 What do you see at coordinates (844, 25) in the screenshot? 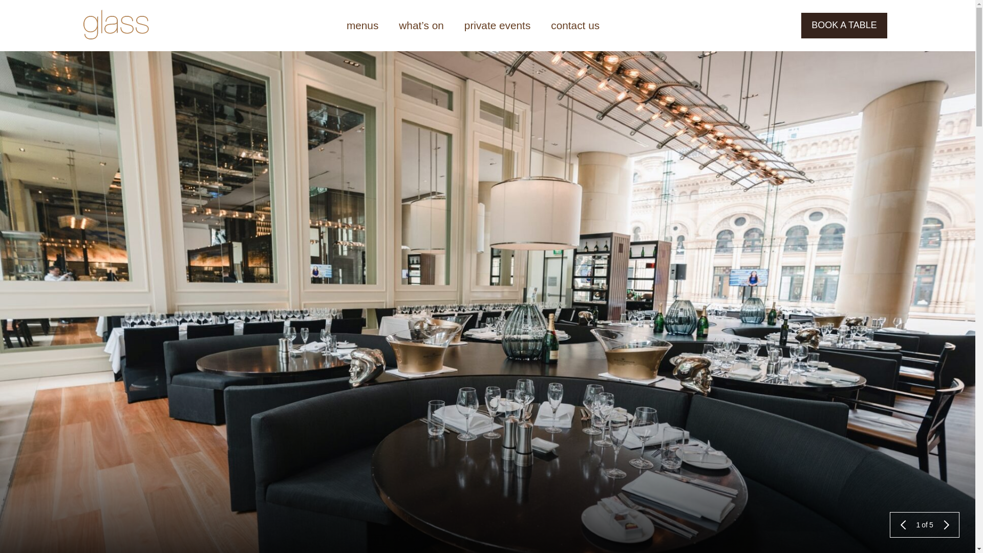
I see `'BOOK A TABLE'` at bounding box center [844, 25].